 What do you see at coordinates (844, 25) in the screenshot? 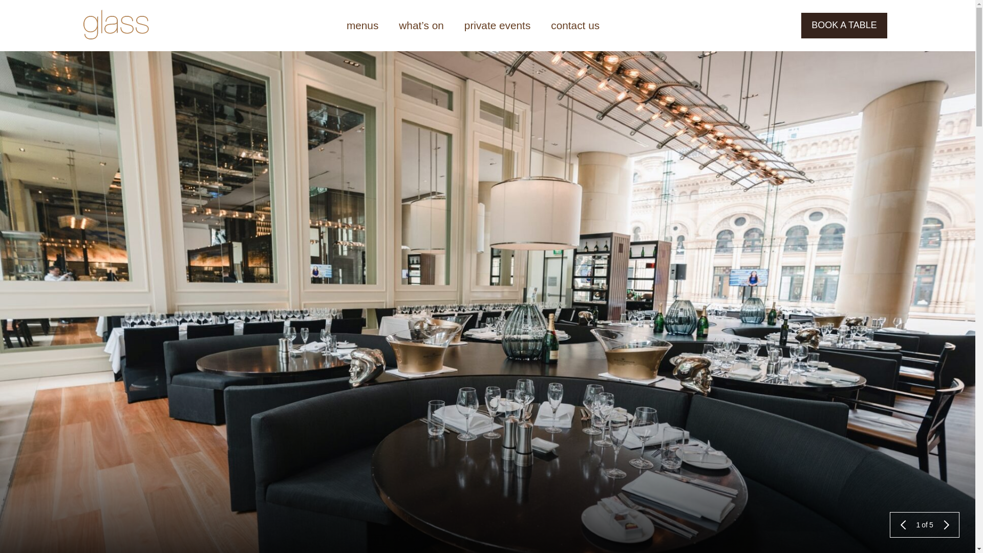
I see `'BOOK A TABLE'` at bounding box center [844, 25].